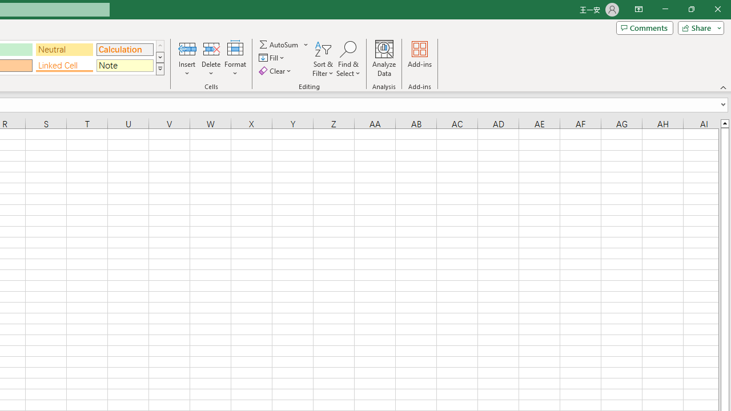 Image resolution: width=731 pixels, height=411 pixels. Describe the element at coordinates (124, 49) in the screenshot. I see `'Calculation'` at that location.